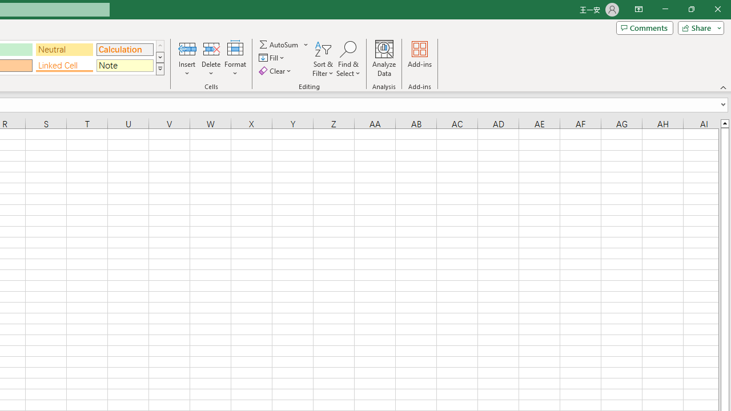 Image resolution: width=731 pixels, height=411 pixels. Describe the element at coordinates (124, 49) in the screenshot. I see `'Calculation'` at that location.